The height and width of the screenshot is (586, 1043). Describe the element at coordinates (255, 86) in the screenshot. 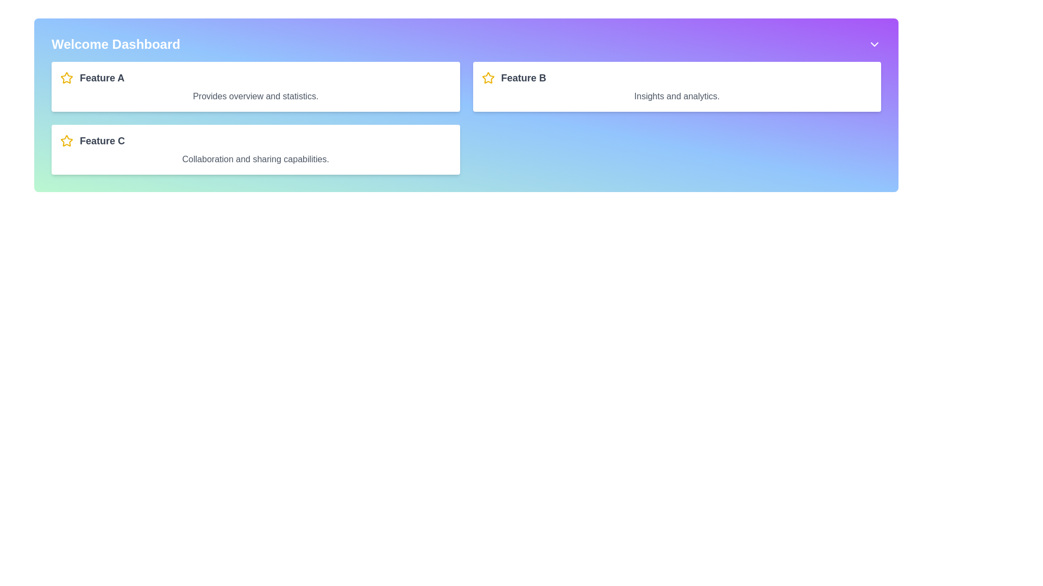

I see `the card introducing 'Feature A' located in the top-left section of the grid to interact with it` at that location.